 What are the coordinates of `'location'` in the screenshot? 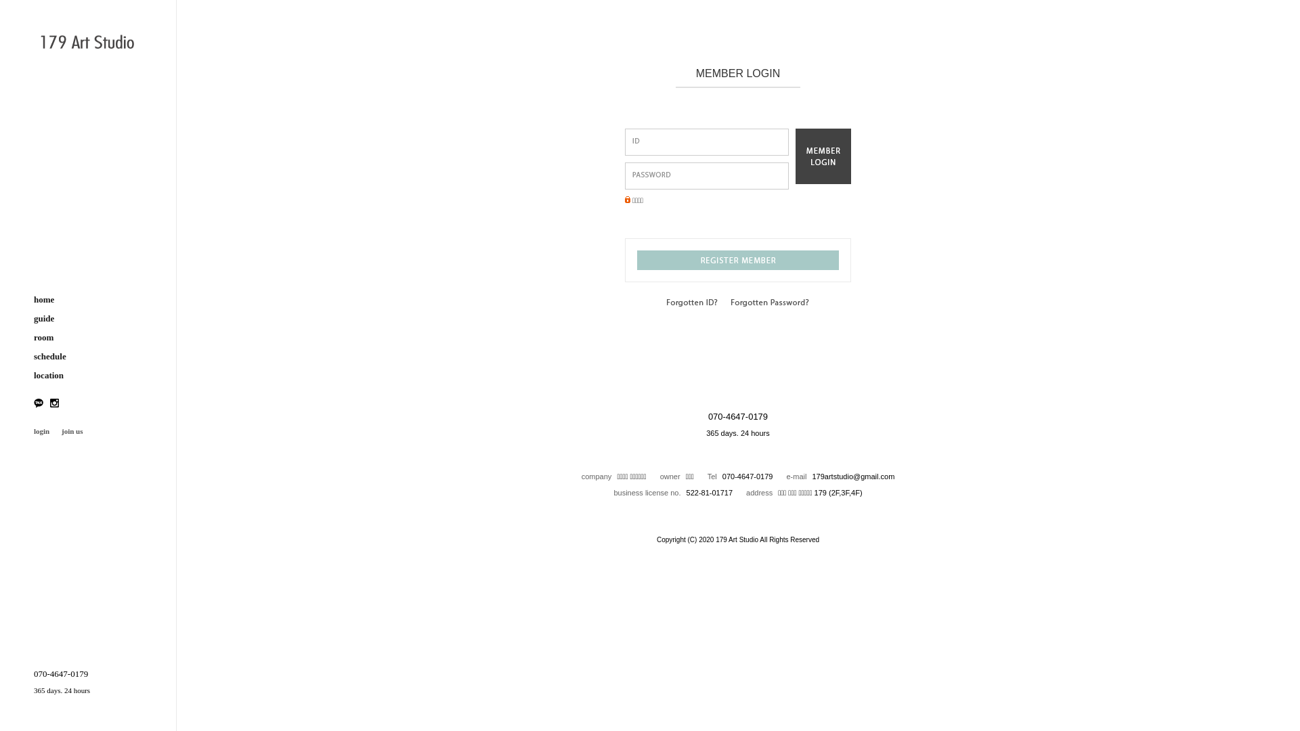 It's located at (87, 376).